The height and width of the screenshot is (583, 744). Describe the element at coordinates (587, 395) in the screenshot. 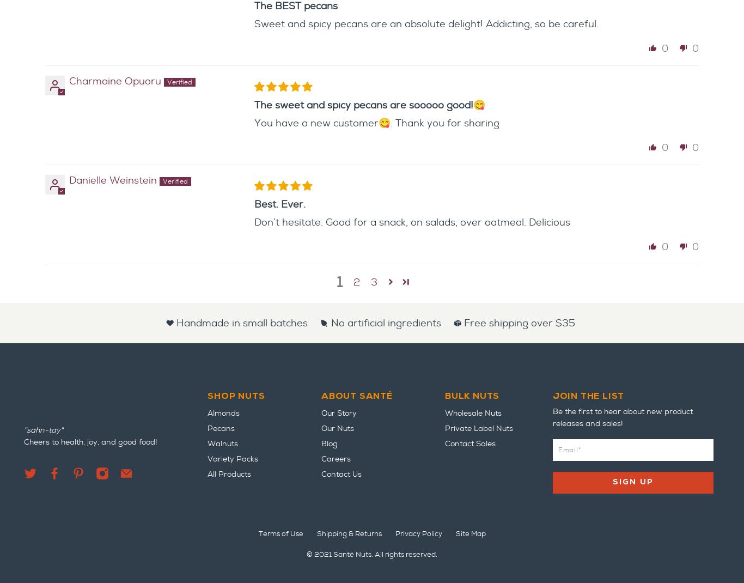

I see `'Join the list'` at that location.